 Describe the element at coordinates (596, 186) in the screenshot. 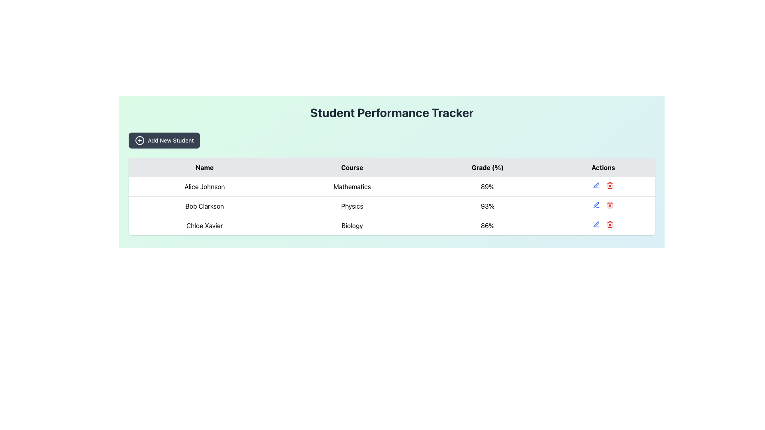

I see `the small blue pen-shaped icon in the 'Actions' column corresponding to student Alice Johnson` at that location.